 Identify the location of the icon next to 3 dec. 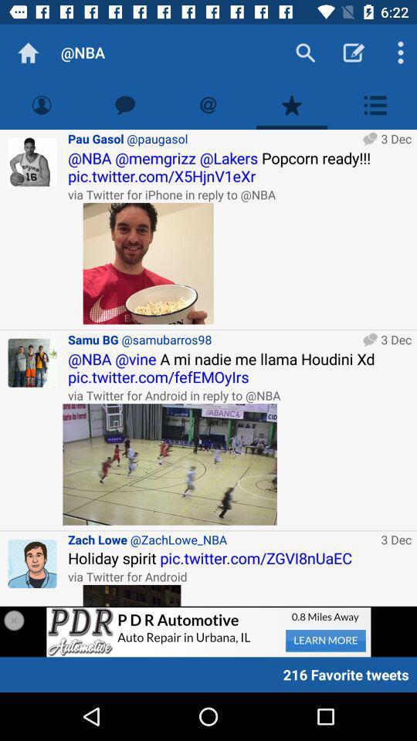
(169, 463).